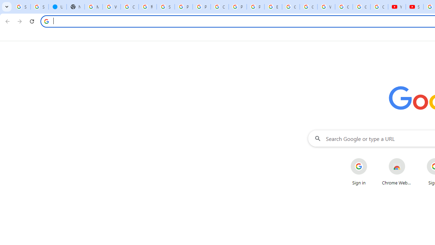  I want to click on 'YouTube', so click(397, 7).